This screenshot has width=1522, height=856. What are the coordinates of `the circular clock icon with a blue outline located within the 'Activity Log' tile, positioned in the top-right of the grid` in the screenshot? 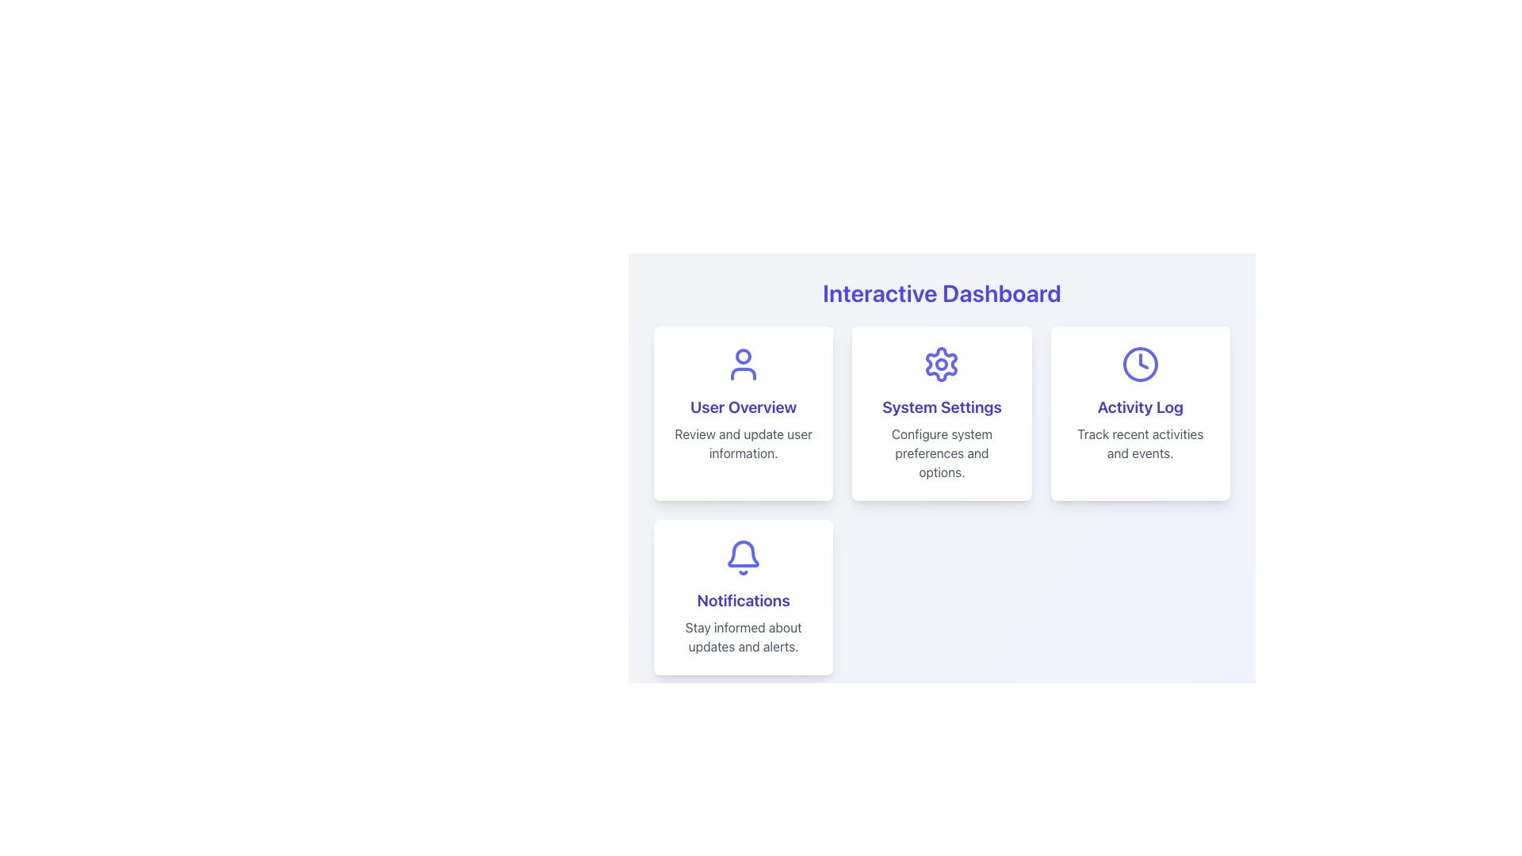 It's located at (1139, 364).